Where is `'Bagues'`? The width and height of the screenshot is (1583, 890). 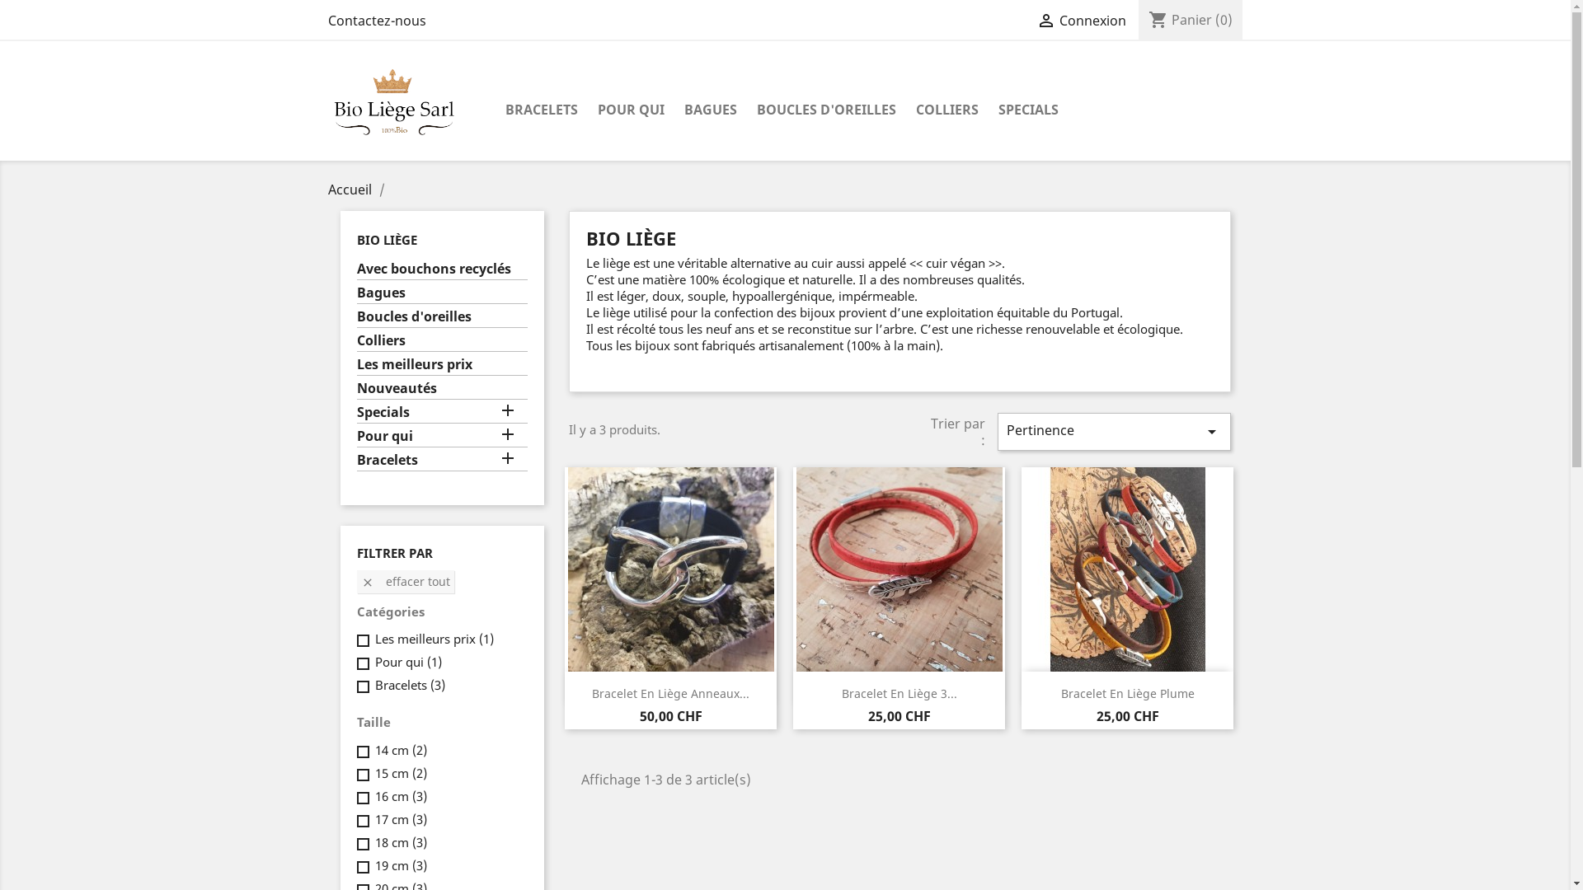
'Bagues' is located at coordinates (442, 293).